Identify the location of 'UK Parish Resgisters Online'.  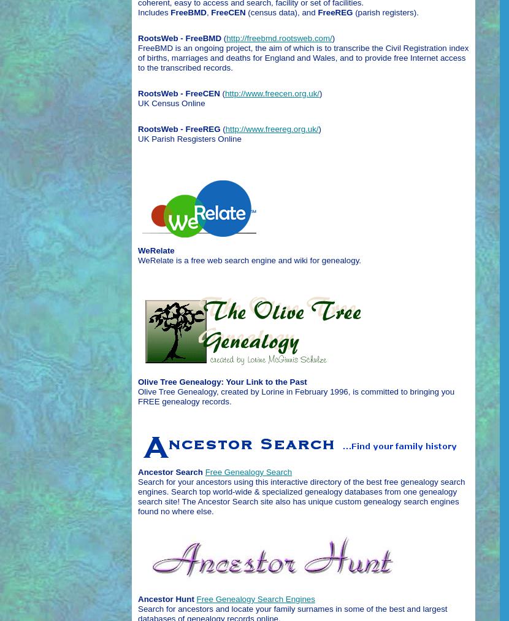
(189, 138).